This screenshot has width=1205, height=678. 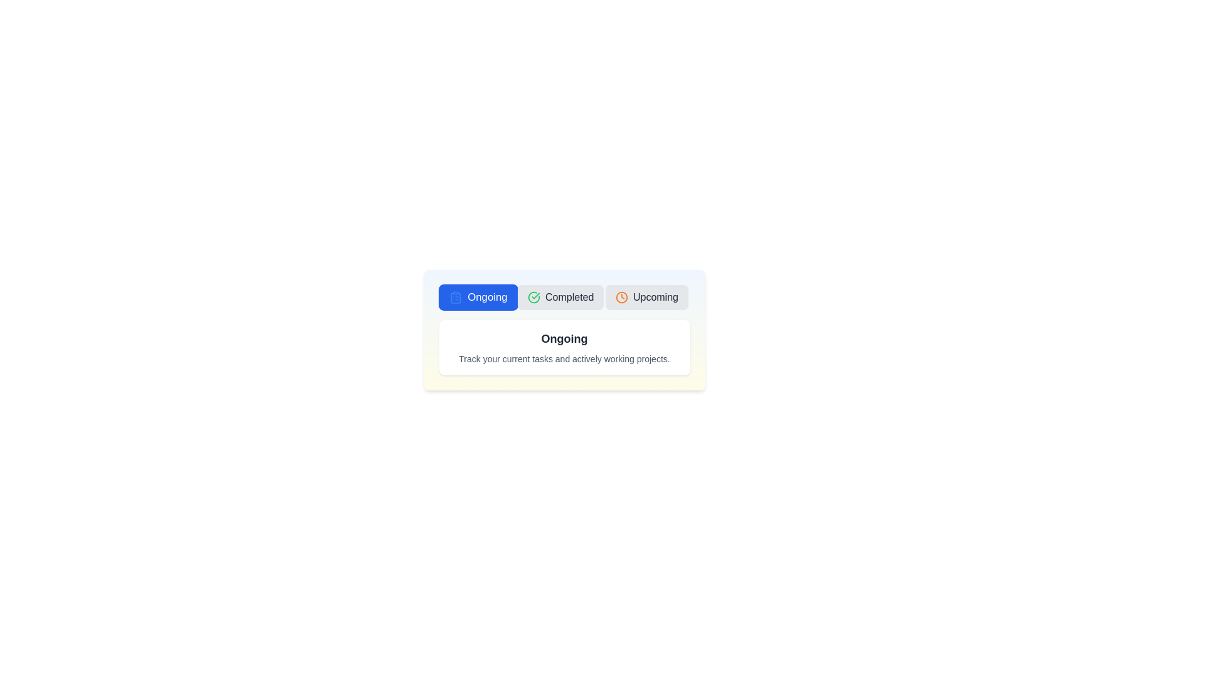 I want to click on the 'Ongoing' tab to view ongoing tasks, so click(x=478, y=298).